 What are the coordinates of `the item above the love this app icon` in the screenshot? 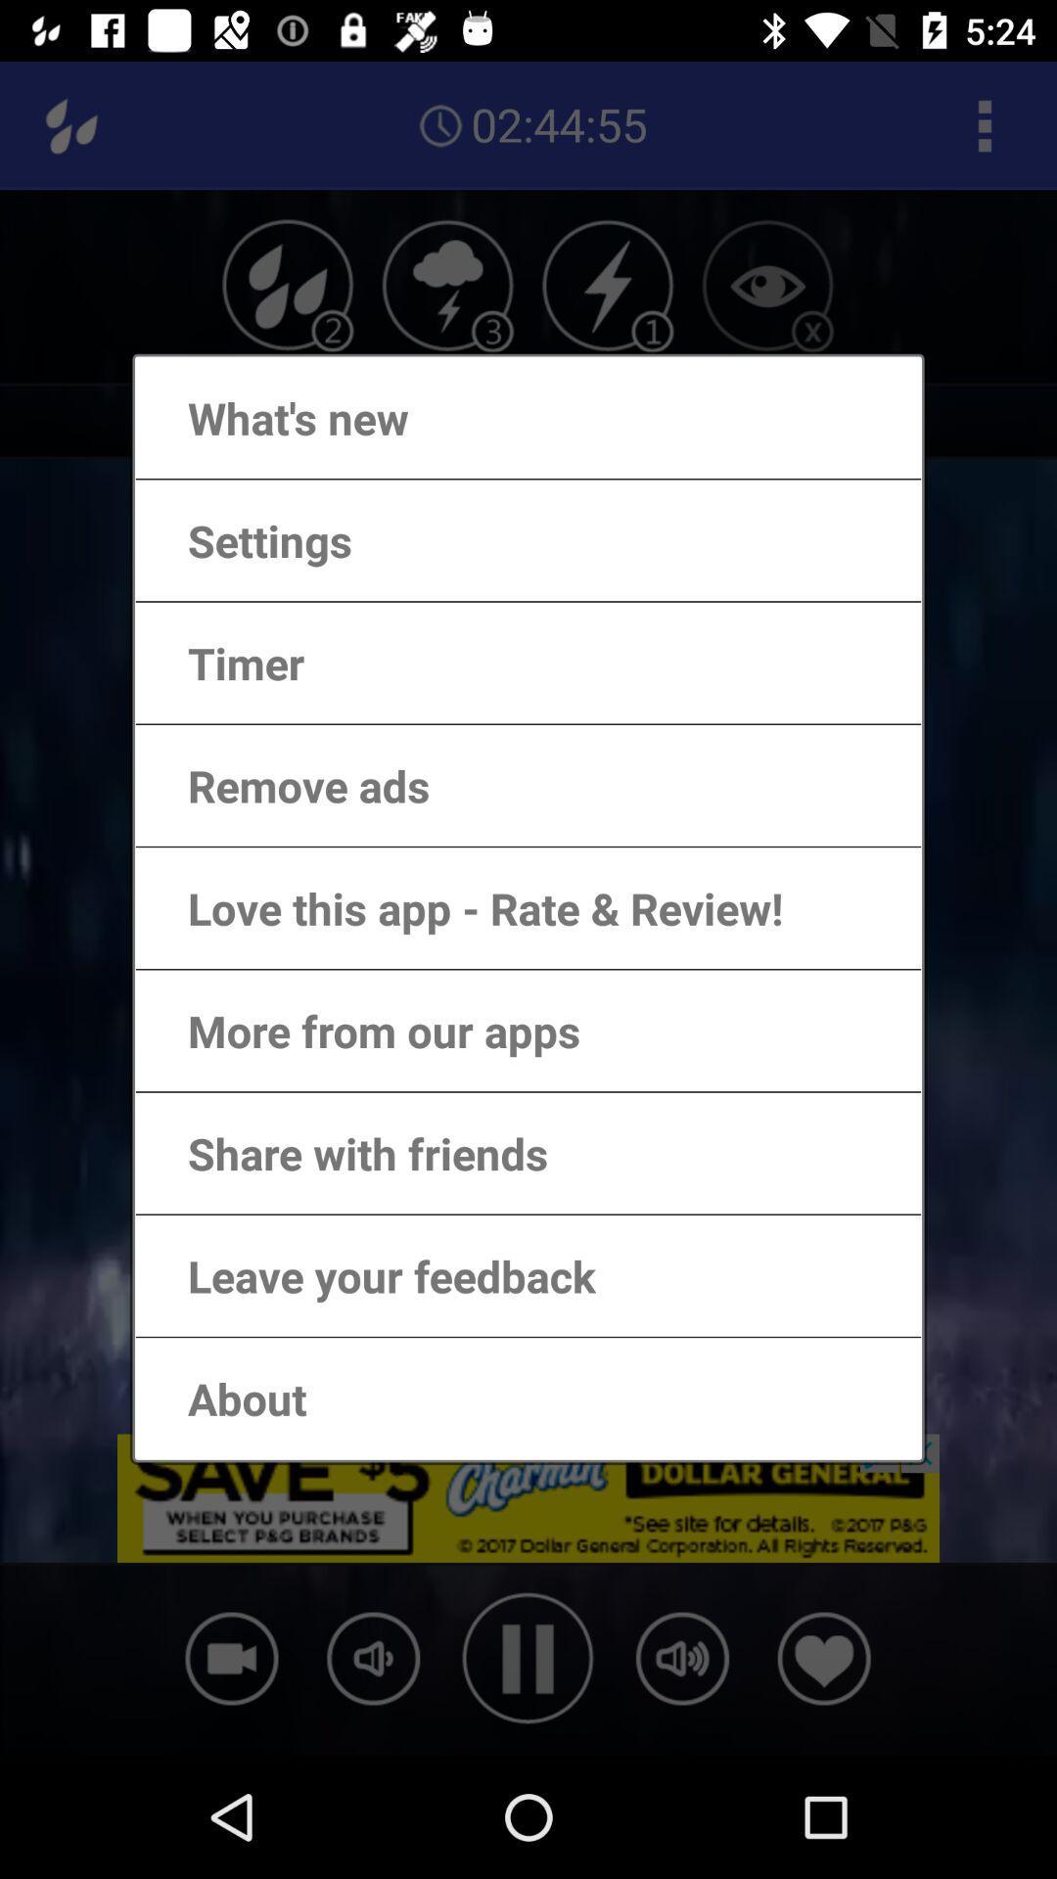 It's located at (289, 785).